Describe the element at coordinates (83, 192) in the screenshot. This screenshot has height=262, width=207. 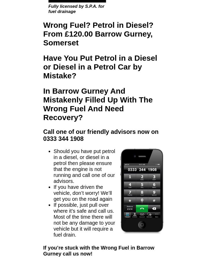
I see `'If you have driven the vehicle, don’t worry! We’ll get you on the road again'` at that location.